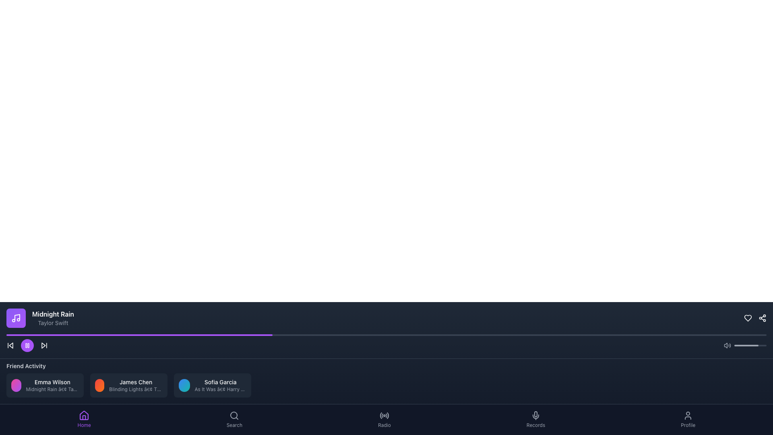 The height and width of the screenshot is (435, 773). Describe the element at coordinates (27, 345) in the screenshot. I see `the play/pause toggle button located between the back-skip and forward-skip buttons` at that location.